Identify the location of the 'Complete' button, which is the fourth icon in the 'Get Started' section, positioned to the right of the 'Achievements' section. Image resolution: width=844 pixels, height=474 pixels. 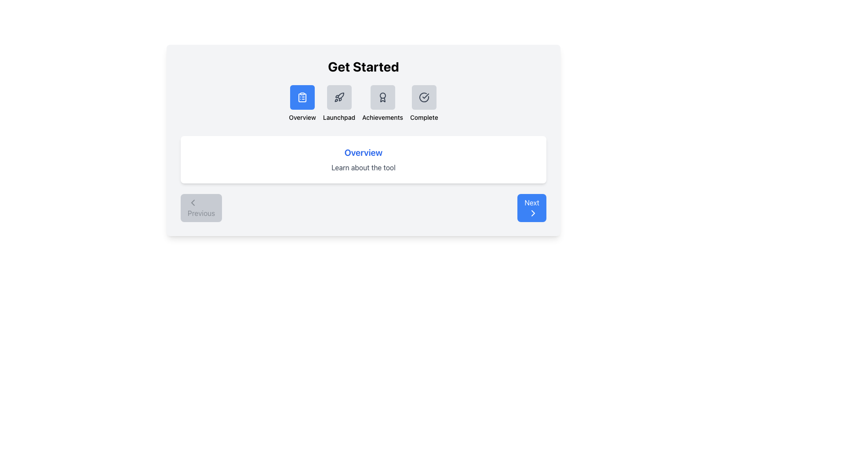
(424, 97).